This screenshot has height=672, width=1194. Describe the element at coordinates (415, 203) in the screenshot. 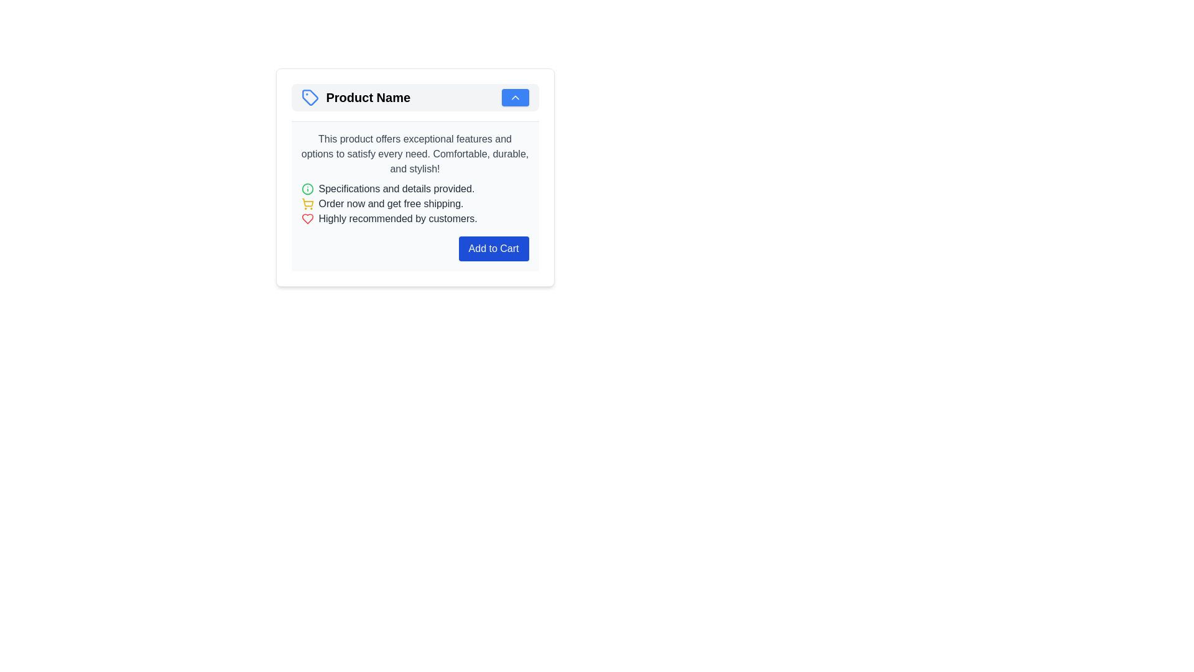

I see `promotional information about free shipping, which is the second item in a vertical list, located slightly below the center horizontally and centrally vertically` at that location.